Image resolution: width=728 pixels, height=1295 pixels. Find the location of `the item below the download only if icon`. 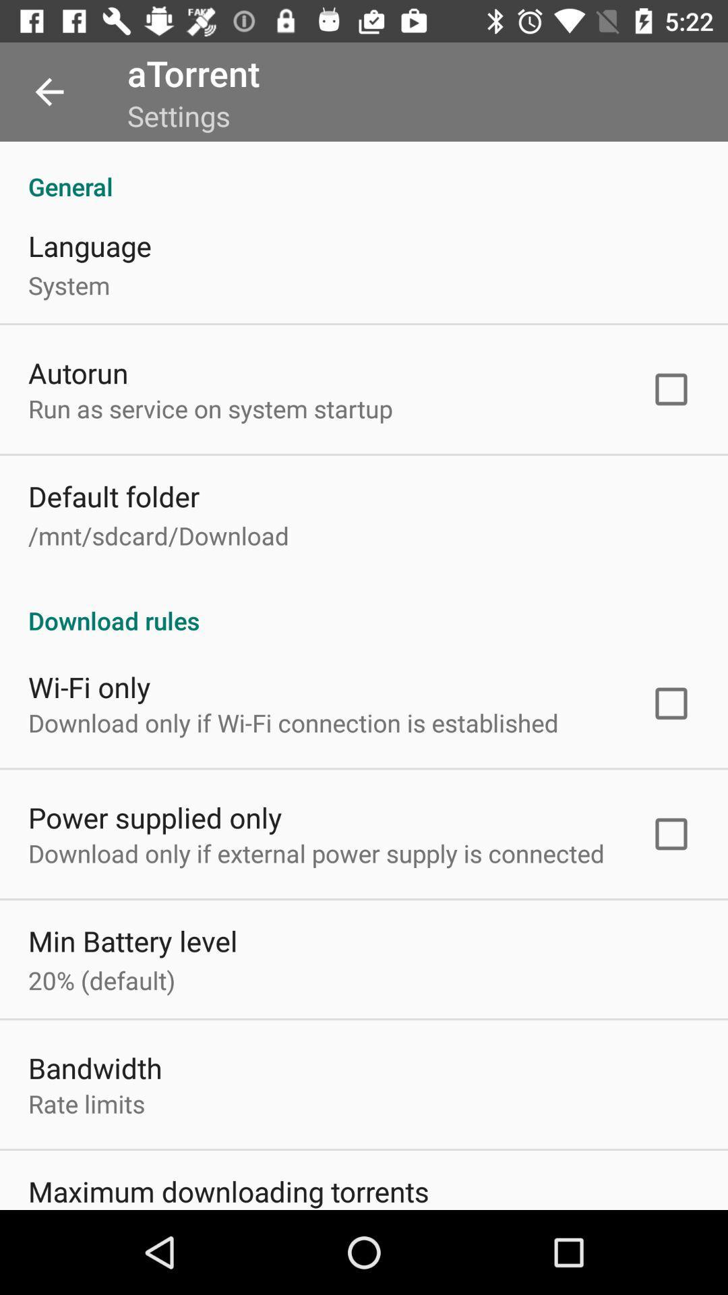

the item below the download only if icon is located at coordinates (133, 940).